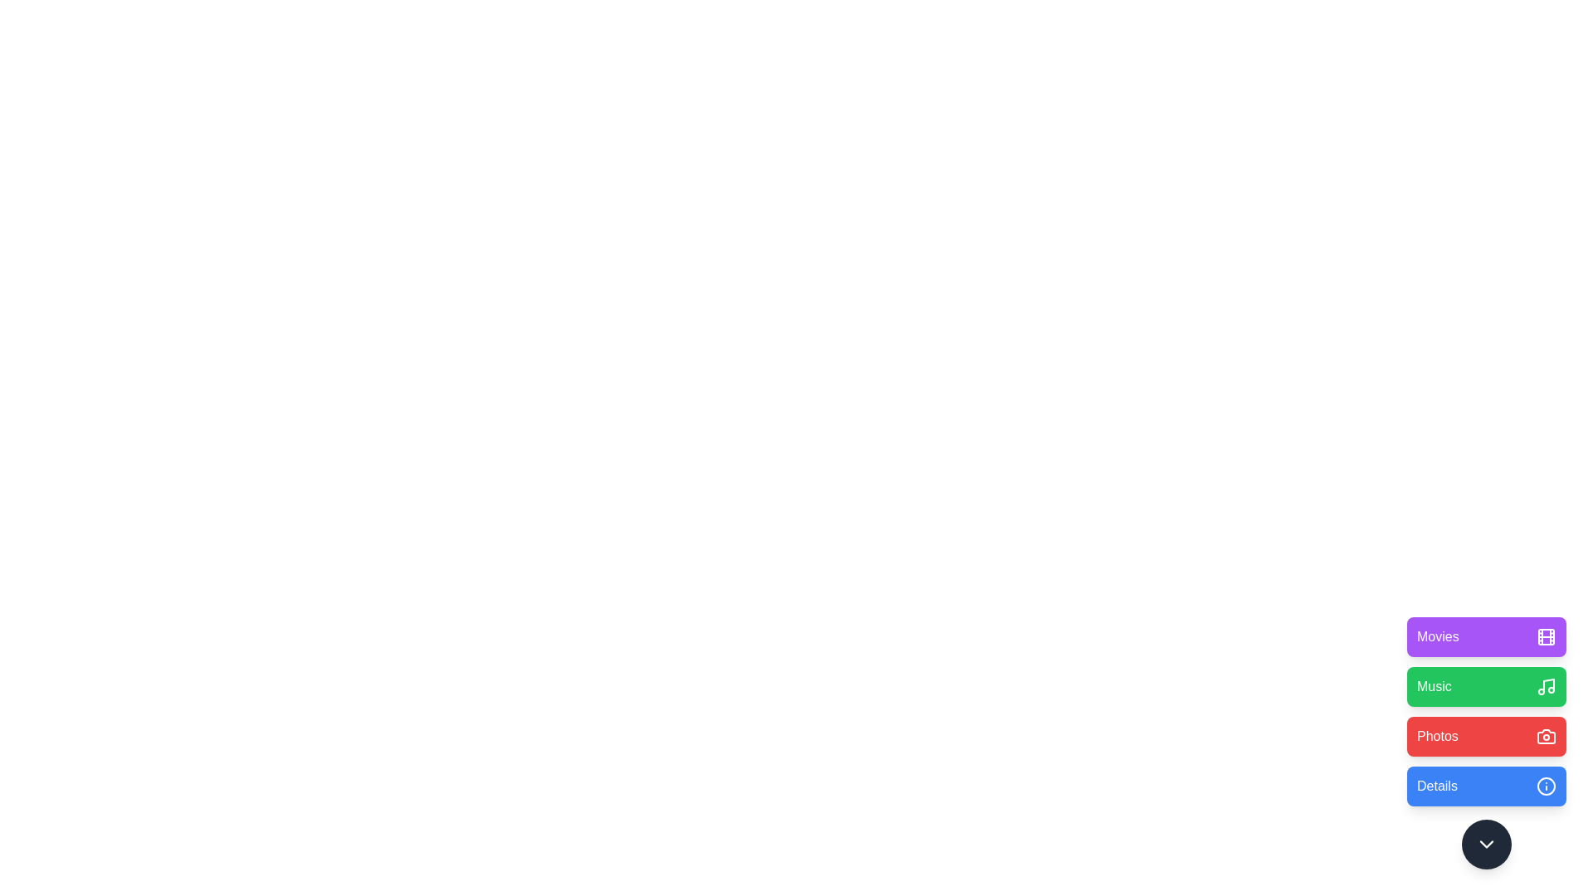 Image resolution: width=1593 pixels, height=896 pixels. I want to click on the 'Music' button to trigger its action, so click(1486, 687).